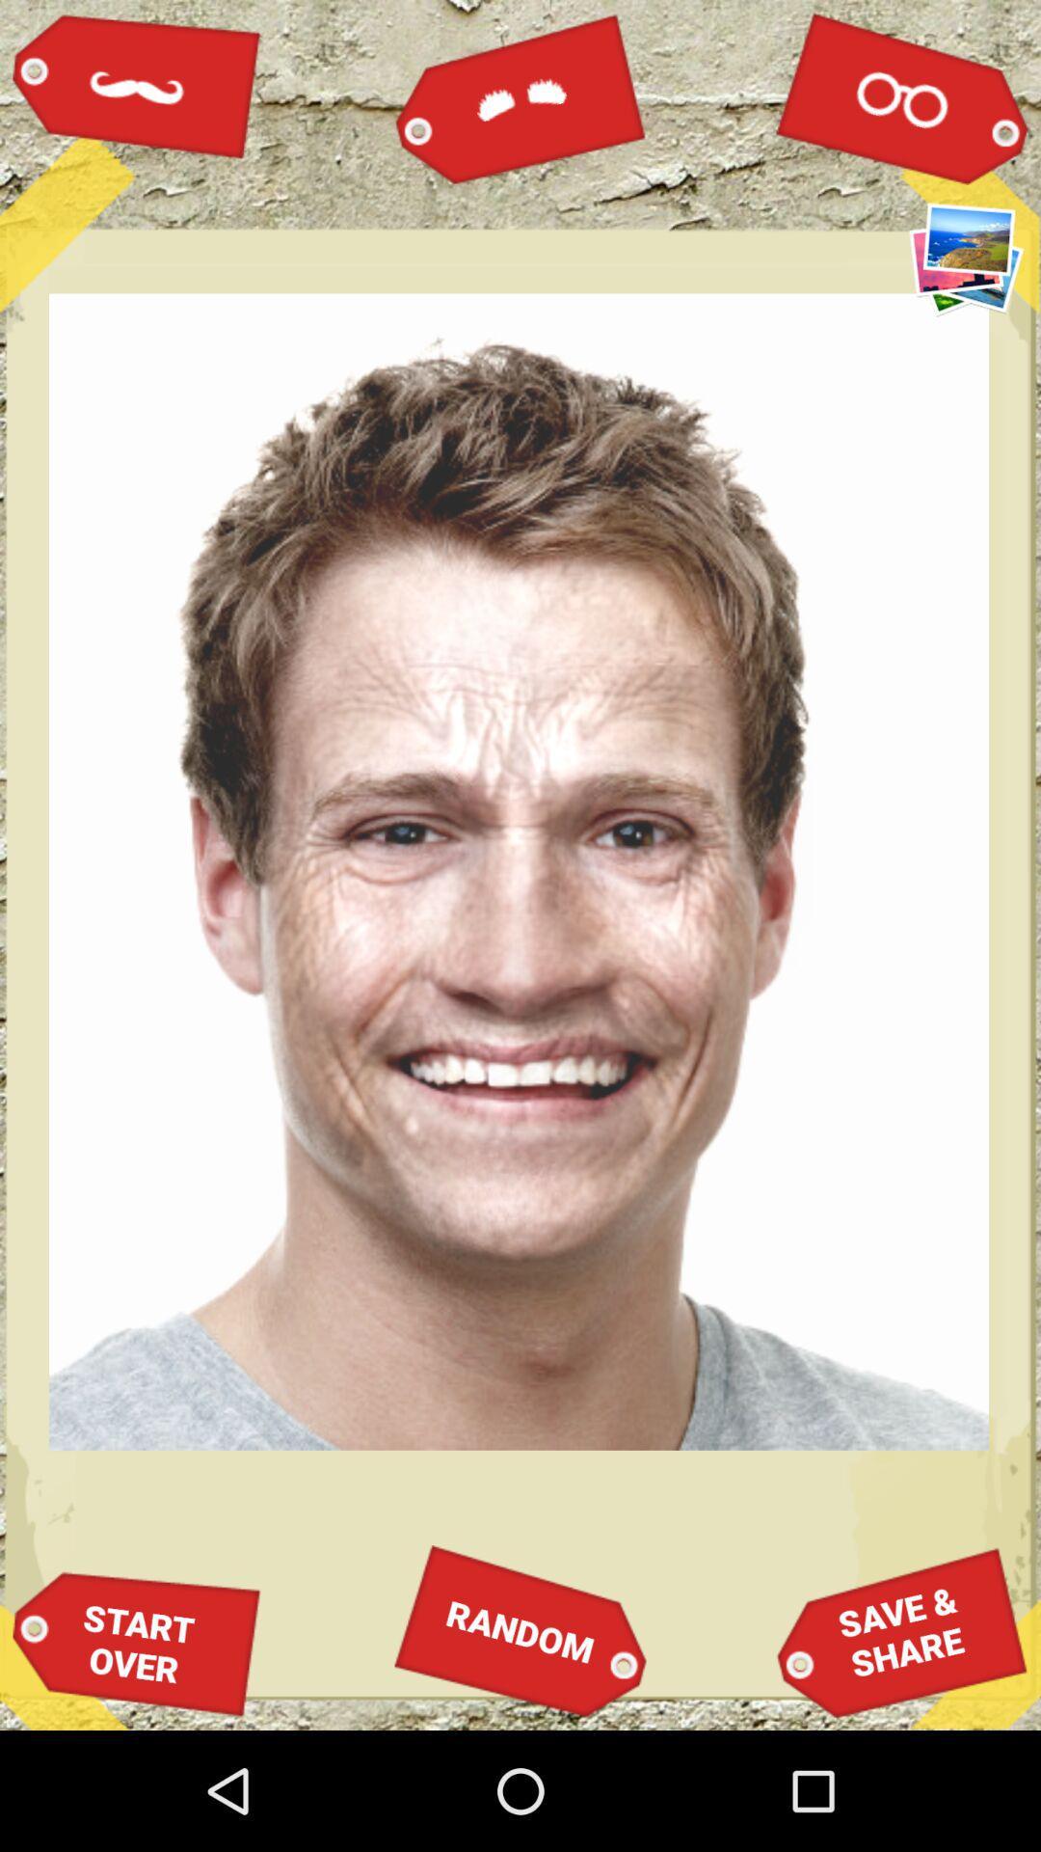 The image size is (1041, 1852). What do you see at coordinates (520, 1630) in the screenshot?
I see `the item to the left of save &` at bounding box center [520, 1630].